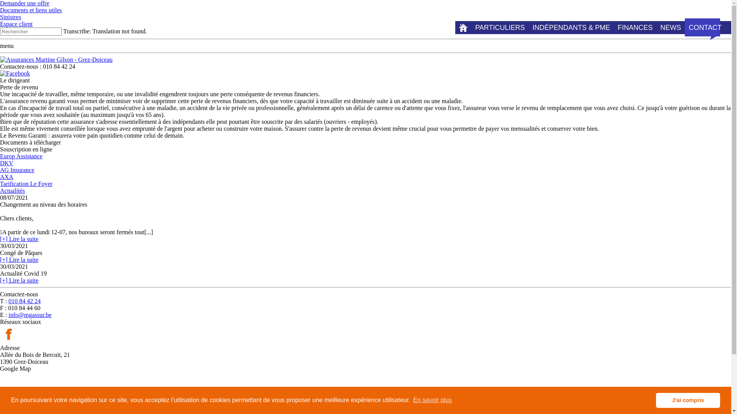 This screenshot has width=737, height=414. What do you see at coordinates (8, 315) in the screenshot?
I see `'info@mgassur.be'` at bounding box center [8, 315].